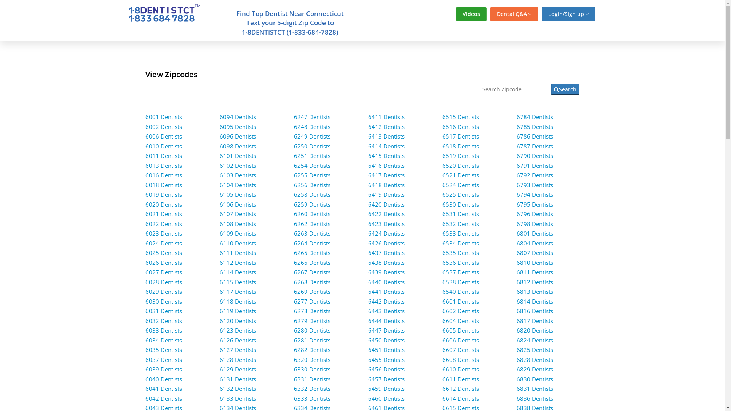 The height and width of the screenshot is (411, 731). What do you see at coordinates (386, 204) in the screenshot?
I see `'6420 Dentists'` at bounding box center [386, 204].